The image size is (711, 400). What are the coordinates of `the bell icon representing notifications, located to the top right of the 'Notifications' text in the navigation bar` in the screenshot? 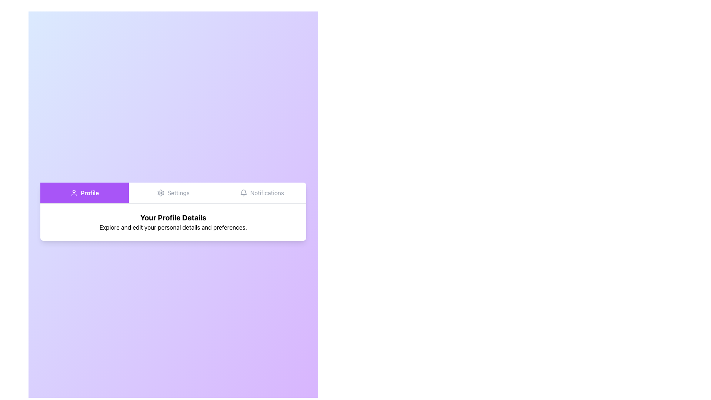 It's located at (243, 192).